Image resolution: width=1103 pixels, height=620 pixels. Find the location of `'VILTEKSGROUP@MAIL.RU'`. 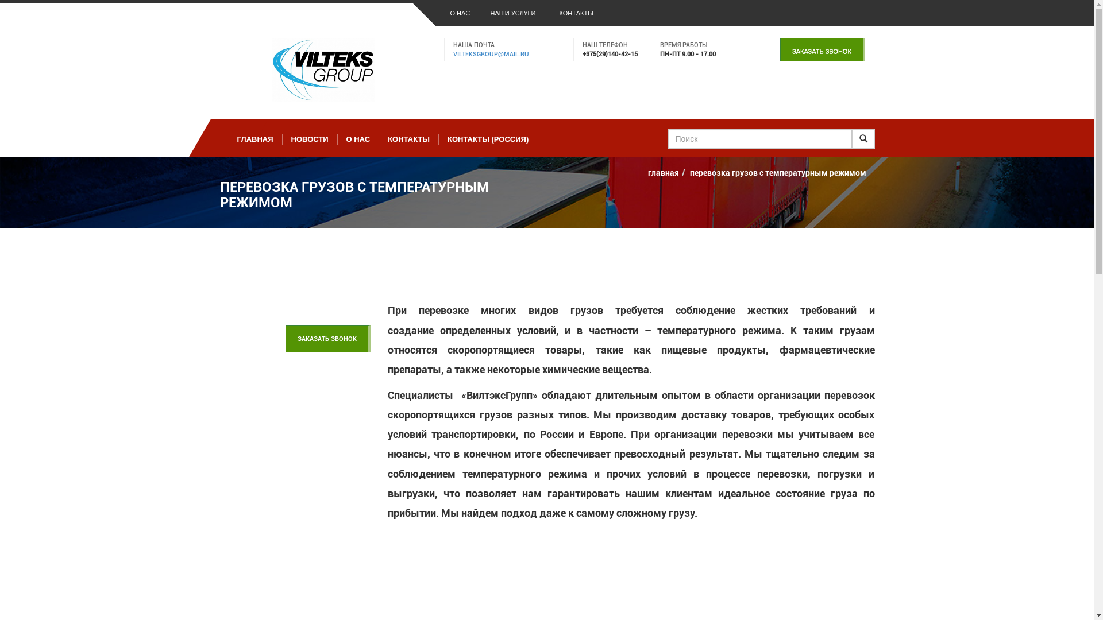

'VILTEKSGROUP@MAIL.RU' is located at coordinates (491, 54).